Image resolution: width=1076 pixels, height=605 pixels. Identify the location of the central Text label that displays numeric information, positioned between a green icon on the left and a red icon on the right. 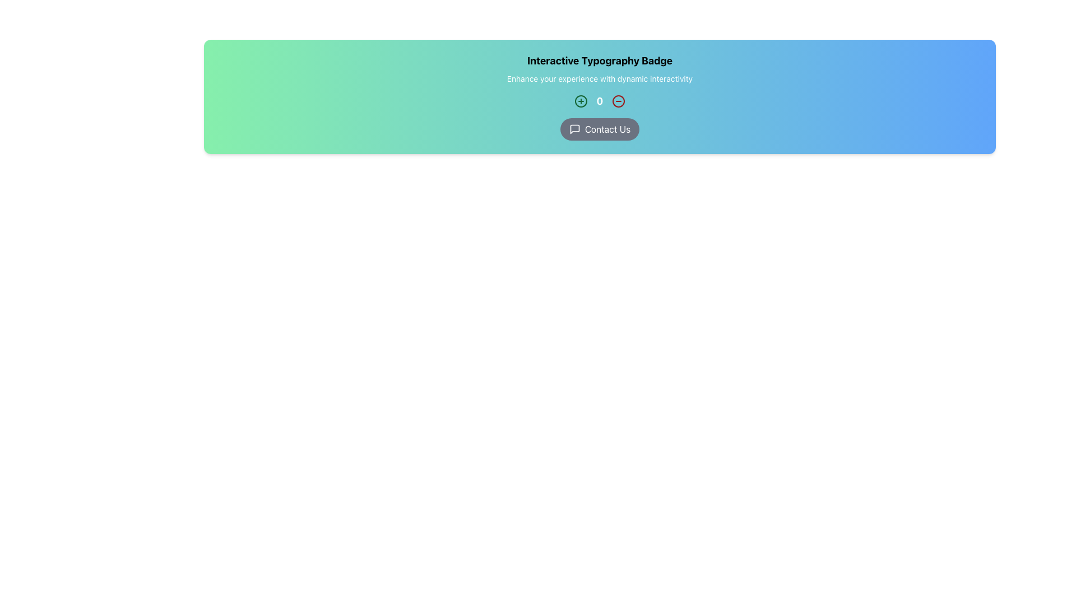
(599, 101).